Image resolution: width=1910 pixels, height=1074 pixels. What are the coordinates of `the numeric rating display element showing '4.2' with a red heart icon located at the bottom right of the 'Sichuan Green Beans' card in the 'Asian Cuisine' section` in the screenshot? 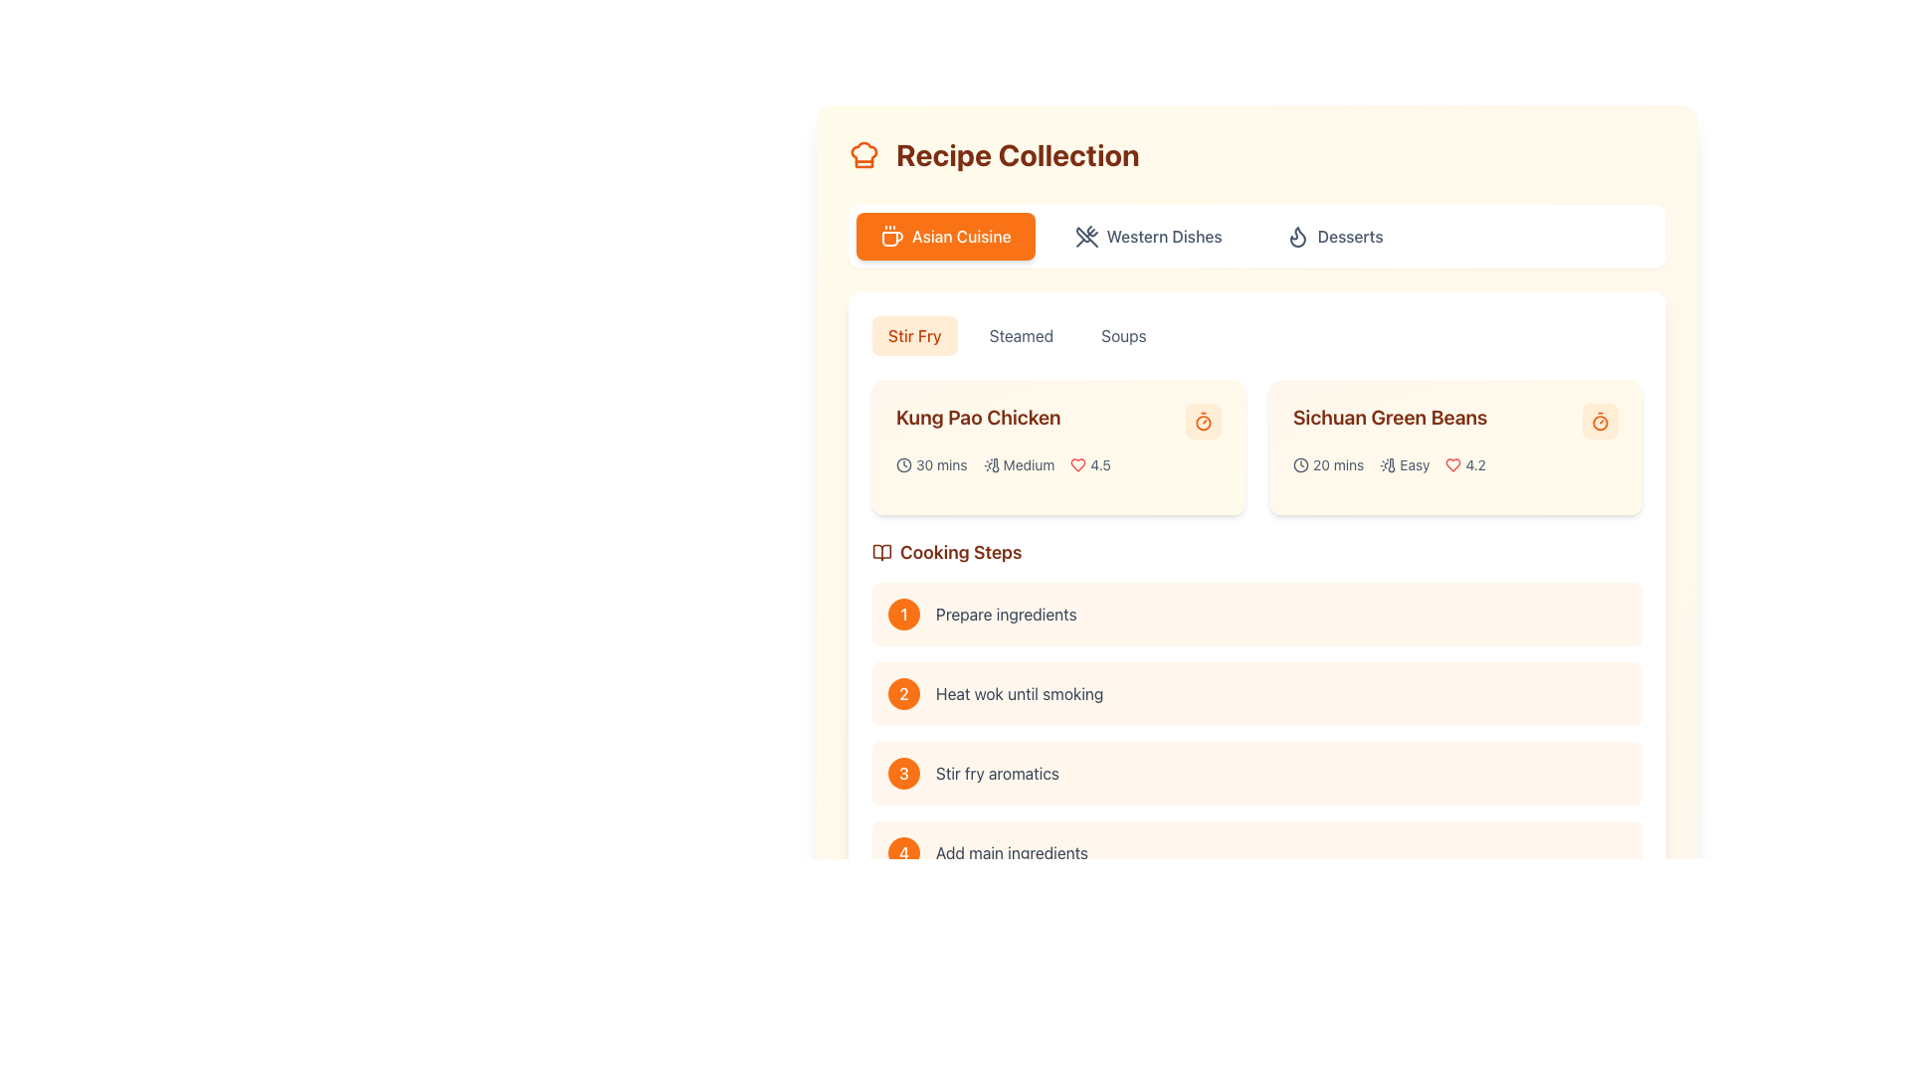 It's located at (1465, 464).